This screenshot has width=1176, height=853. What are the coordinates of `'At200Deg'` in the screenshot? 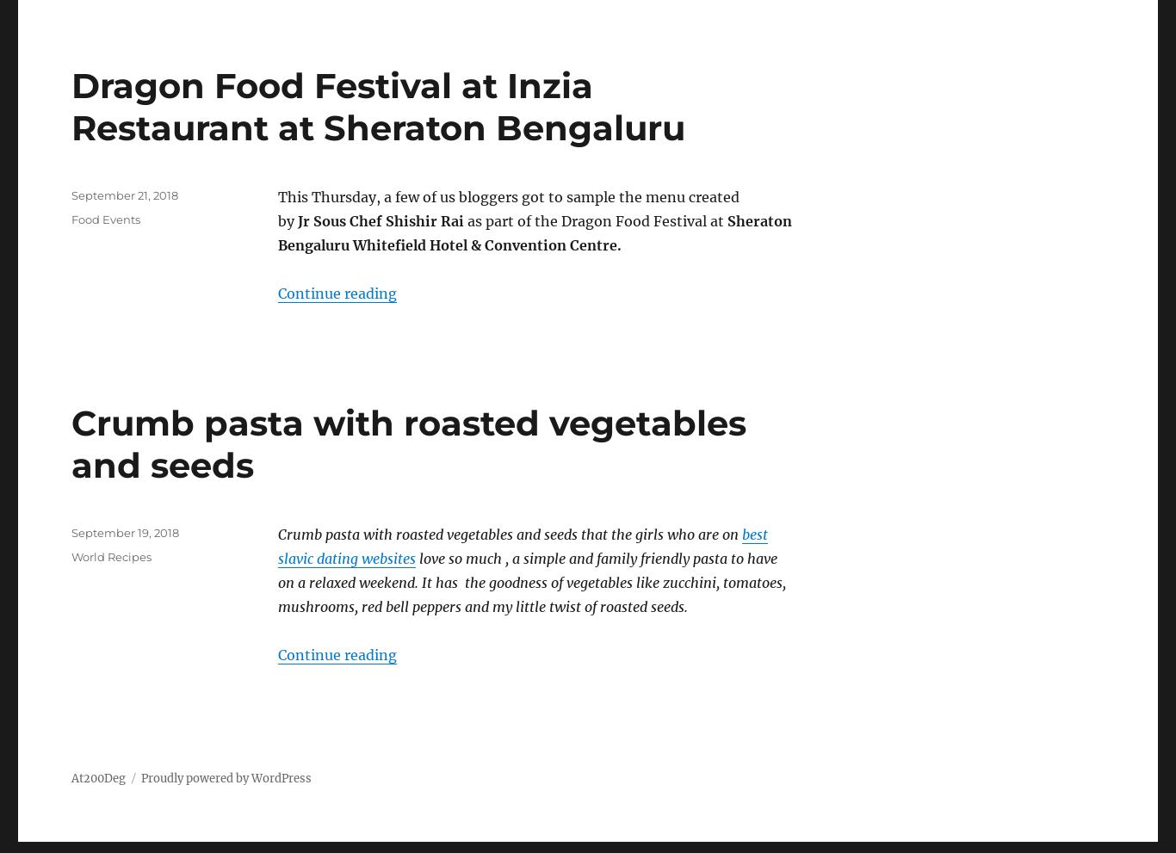 It's located at (98, 776).